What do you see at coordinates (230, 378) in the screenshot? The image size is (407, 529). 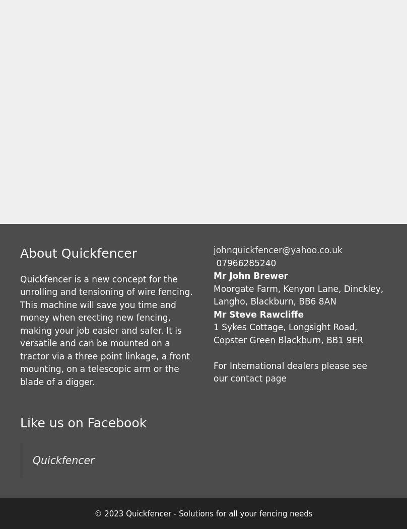 I see `'contact page'` at bounding box center [230, 378].